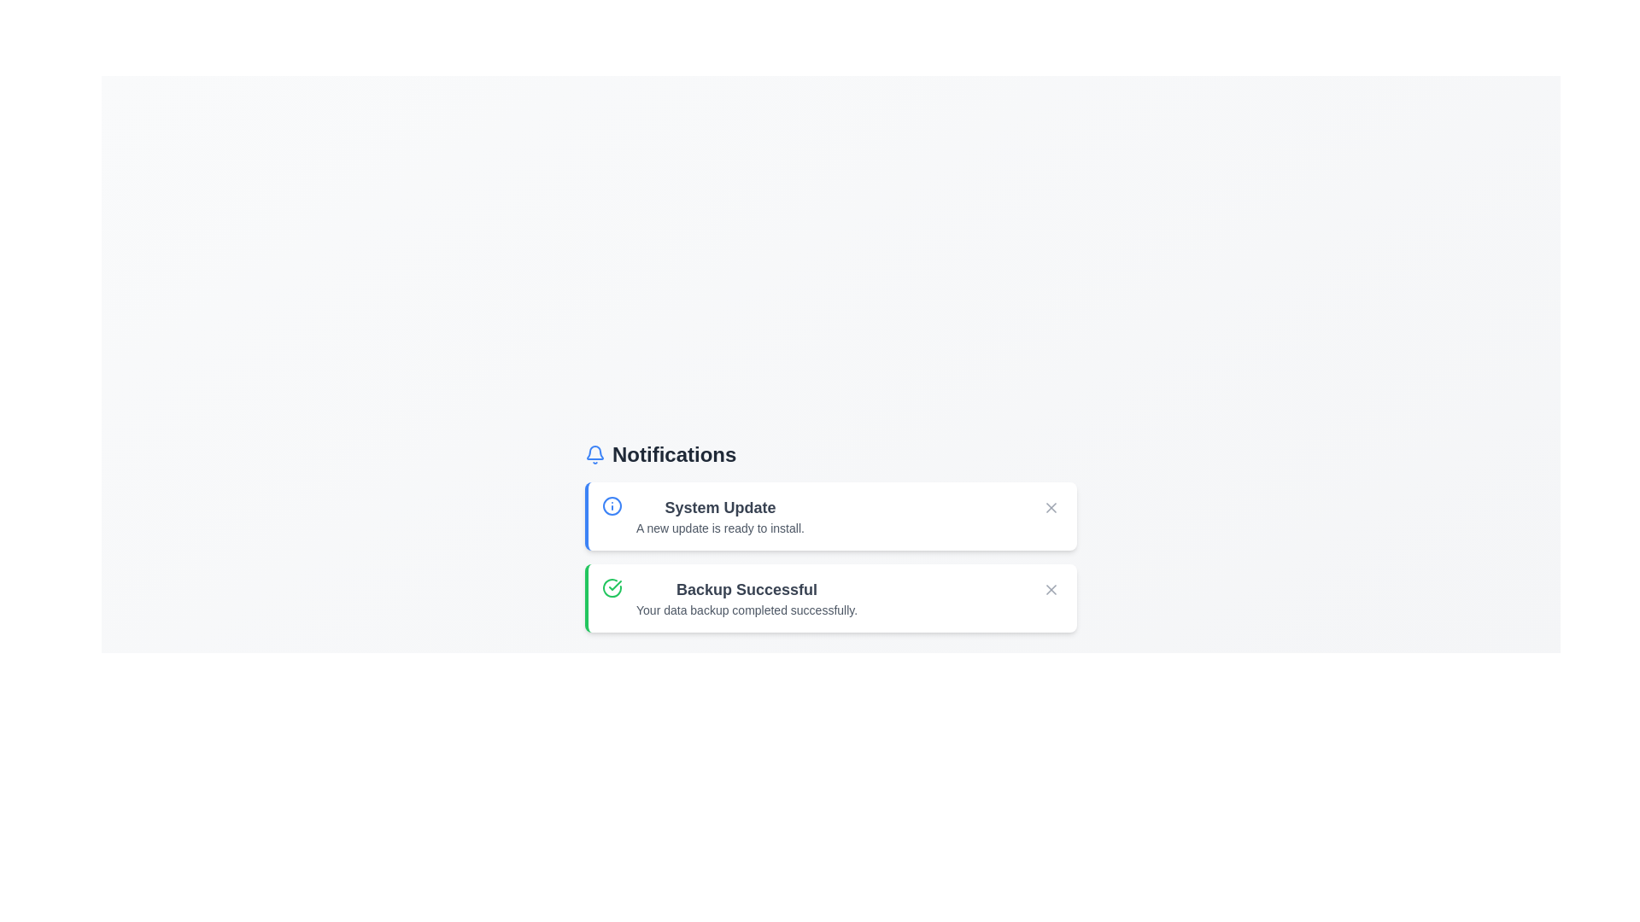 The width and height of the screenshot is (1640, 922). Describe the element at coordinates (720, 506) in the screenshot. I see `the 'System Update' text label, which is styled with a bold font and larger size, located within the notification card in the 'Notifications' section` at that location.